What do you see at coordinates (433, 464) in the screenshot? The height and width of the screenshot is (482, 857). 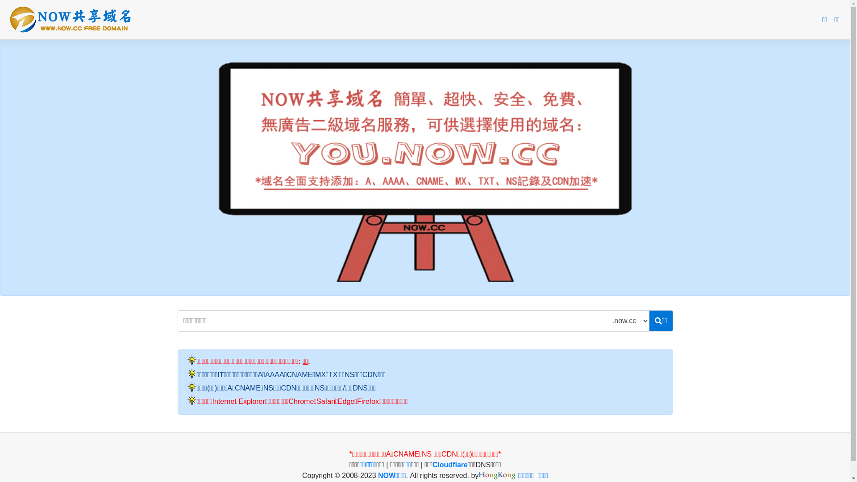 I see `'Cloudflare'` at bounding box center [433, 464].